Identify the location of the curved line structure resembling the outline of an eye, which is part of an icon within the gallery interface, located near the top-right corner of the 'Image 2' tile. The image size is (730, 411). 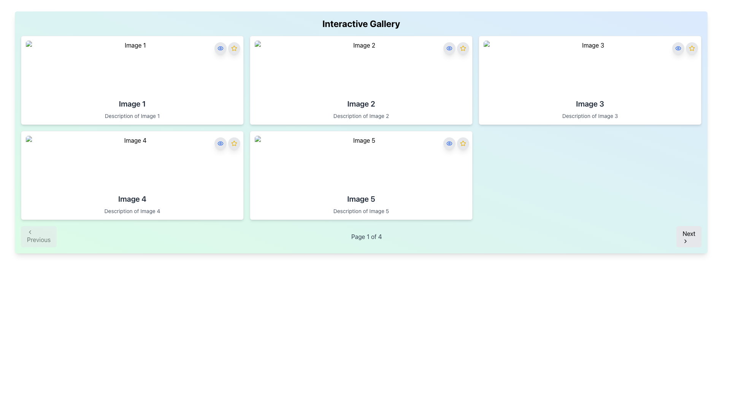
(449, 143).